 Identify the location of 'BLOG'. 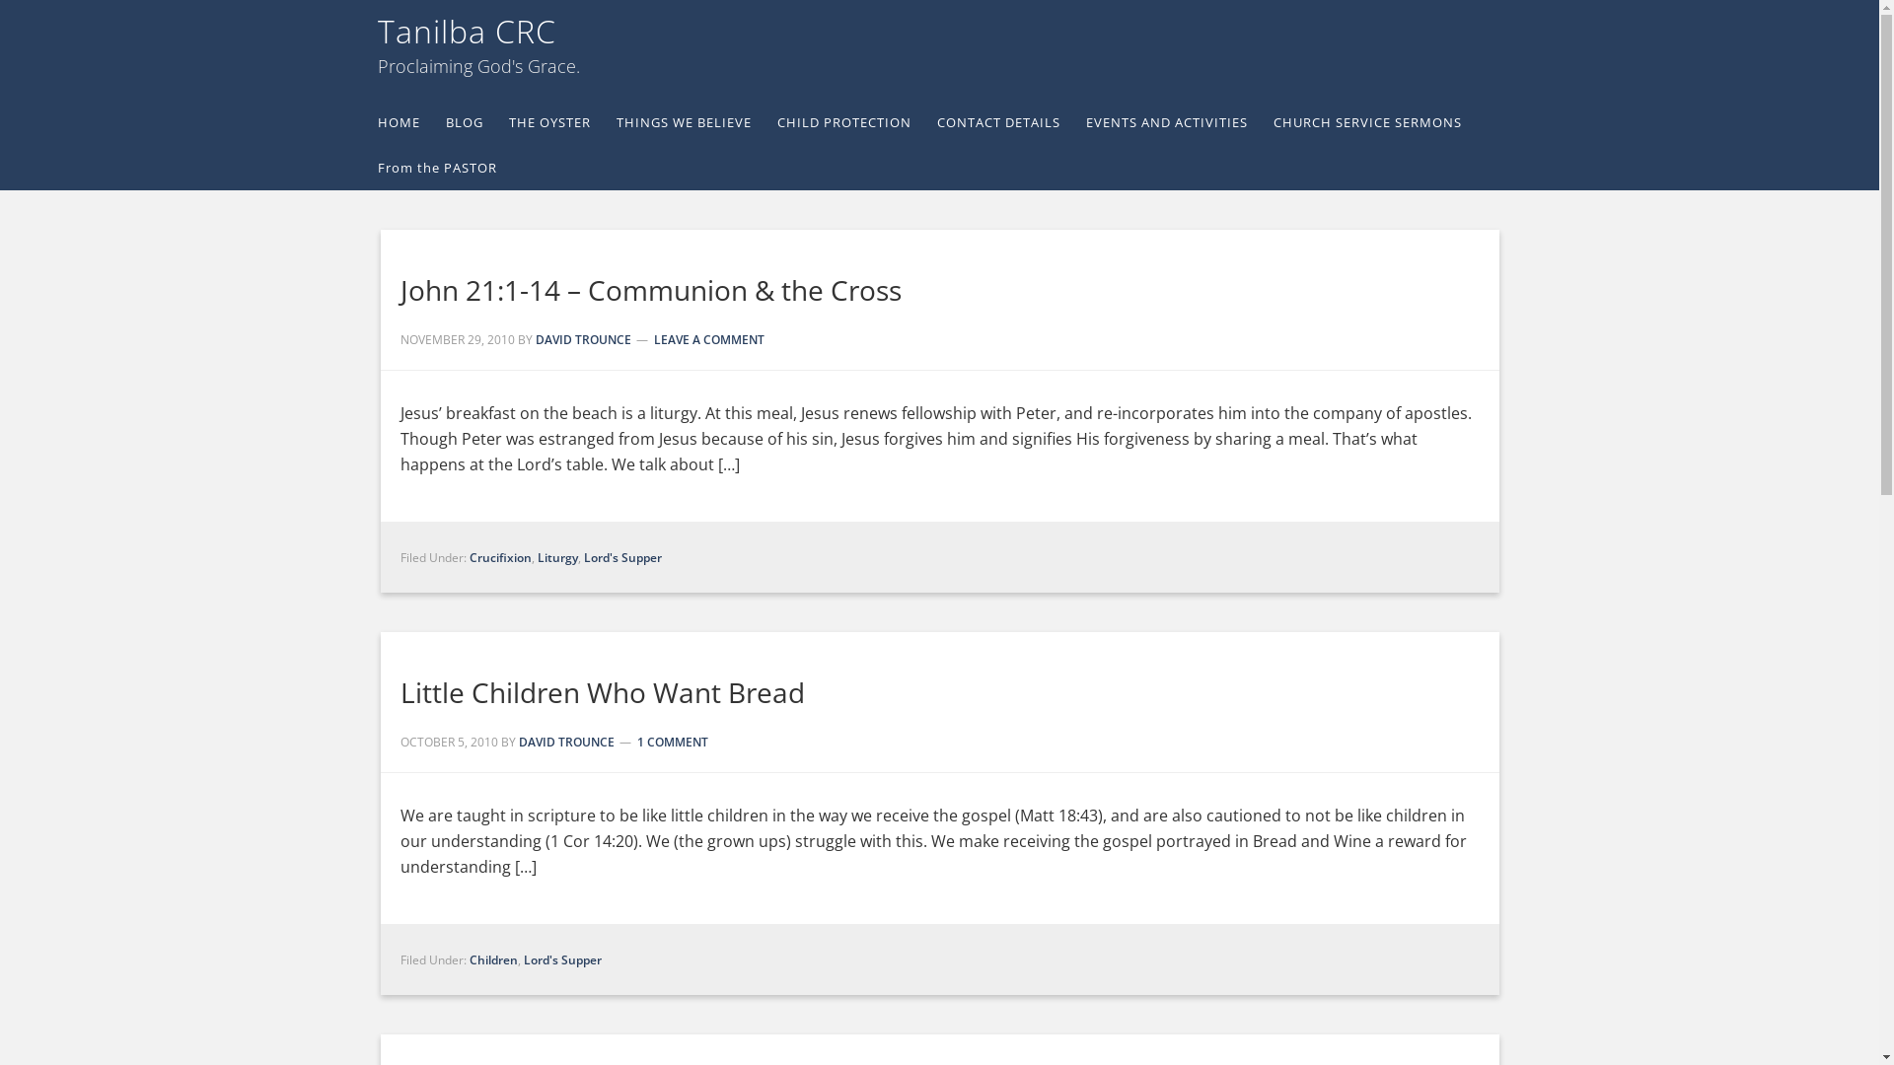
(477, 122).